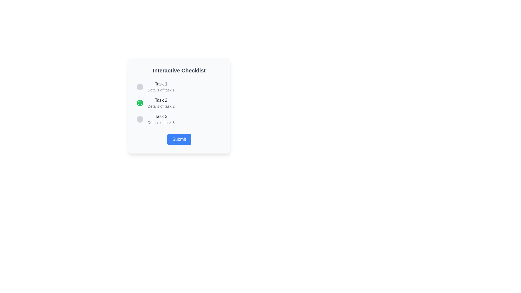  Describe the element at coordinates (179, 87) in the screenshot. I see `the first checklist item` at that location.